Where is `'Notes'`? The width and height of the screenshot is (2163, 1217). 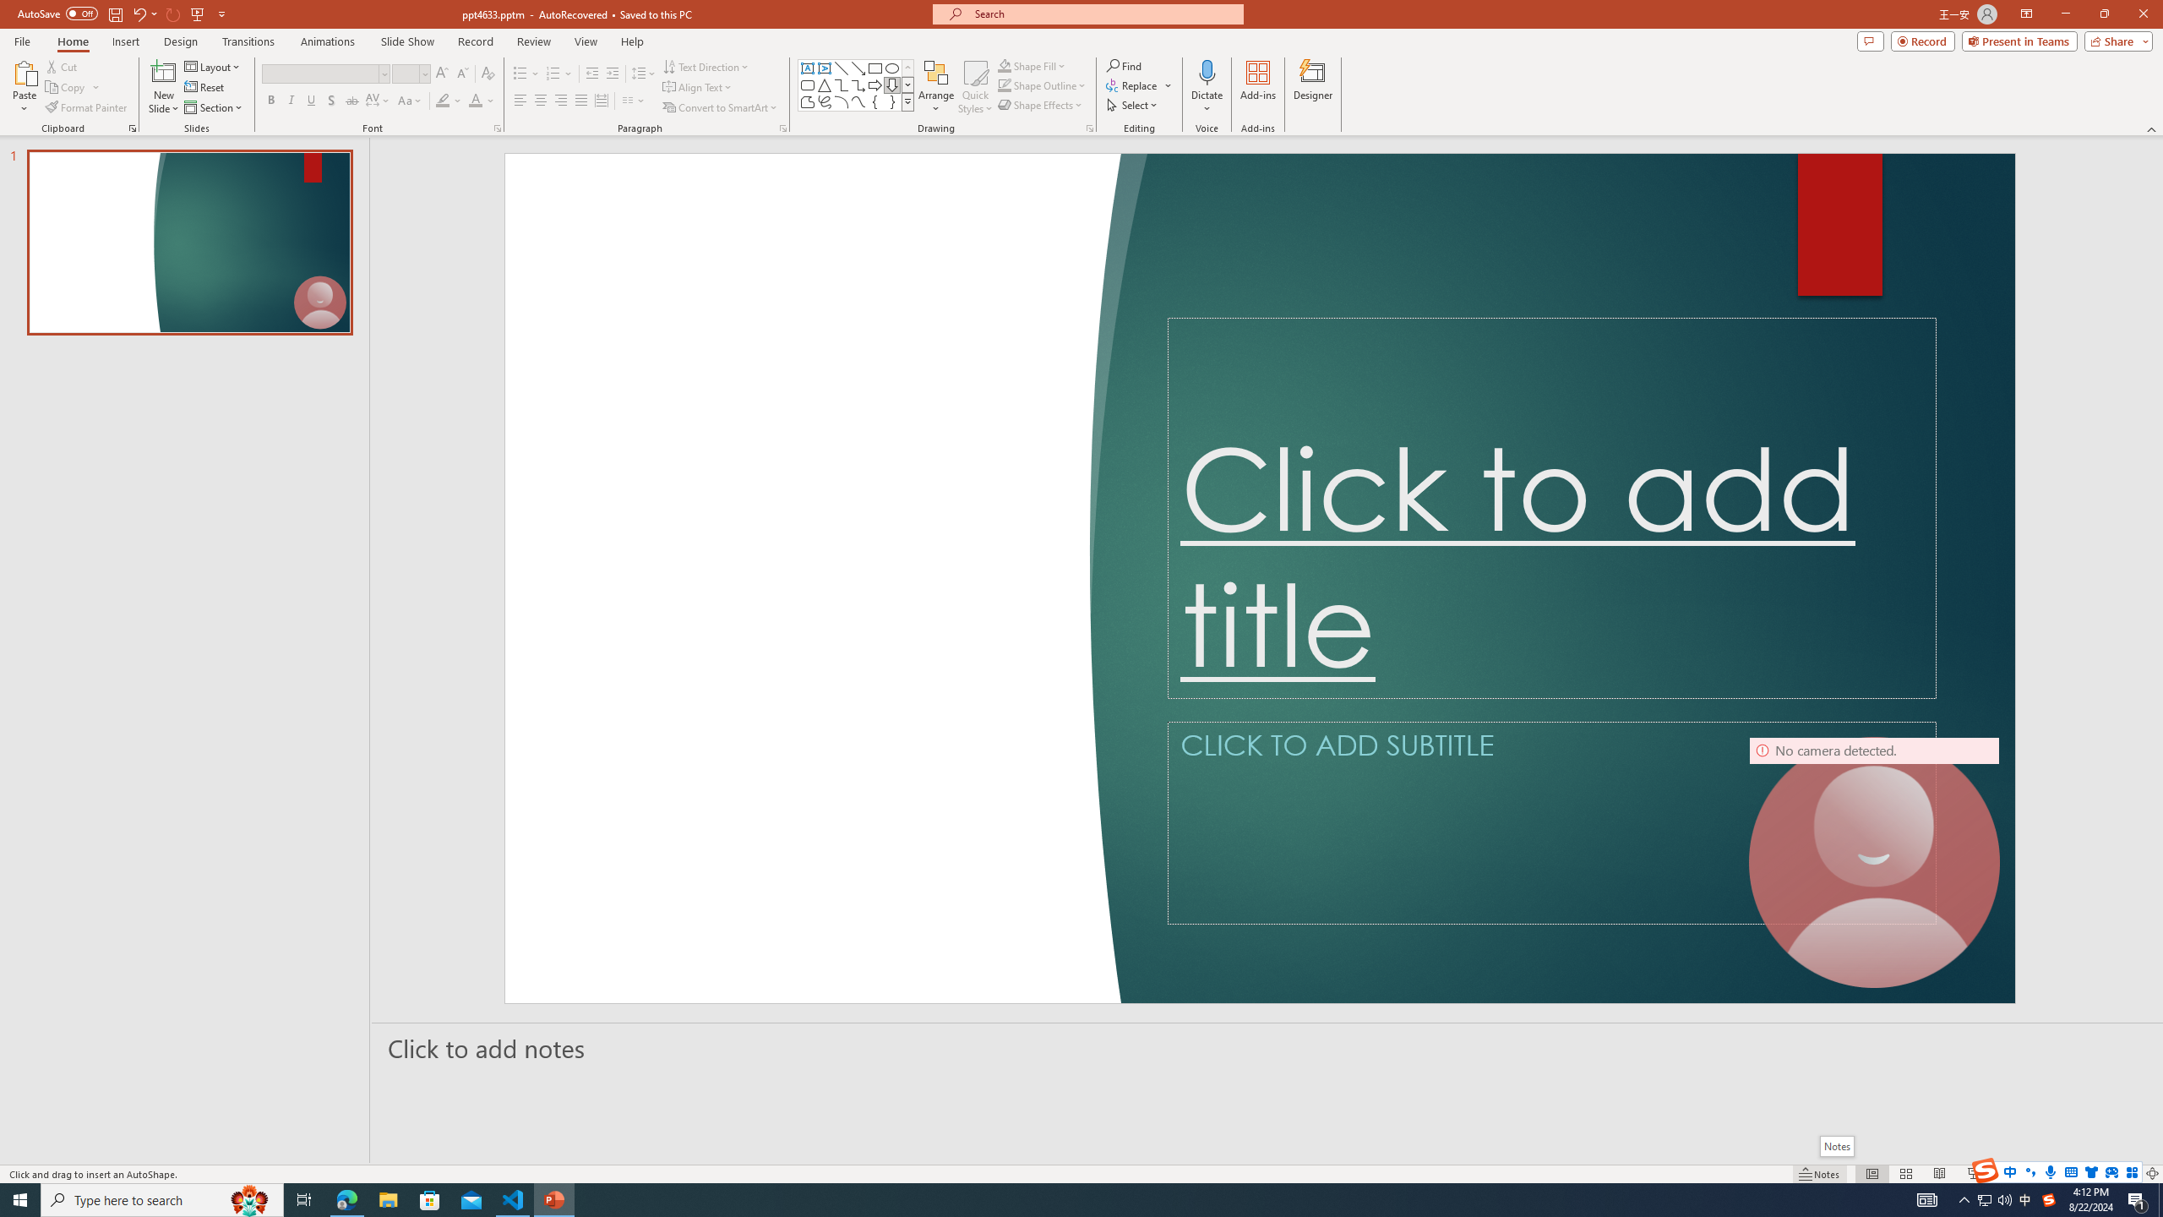
'Notes' is located at coordinates (1835, 1145).